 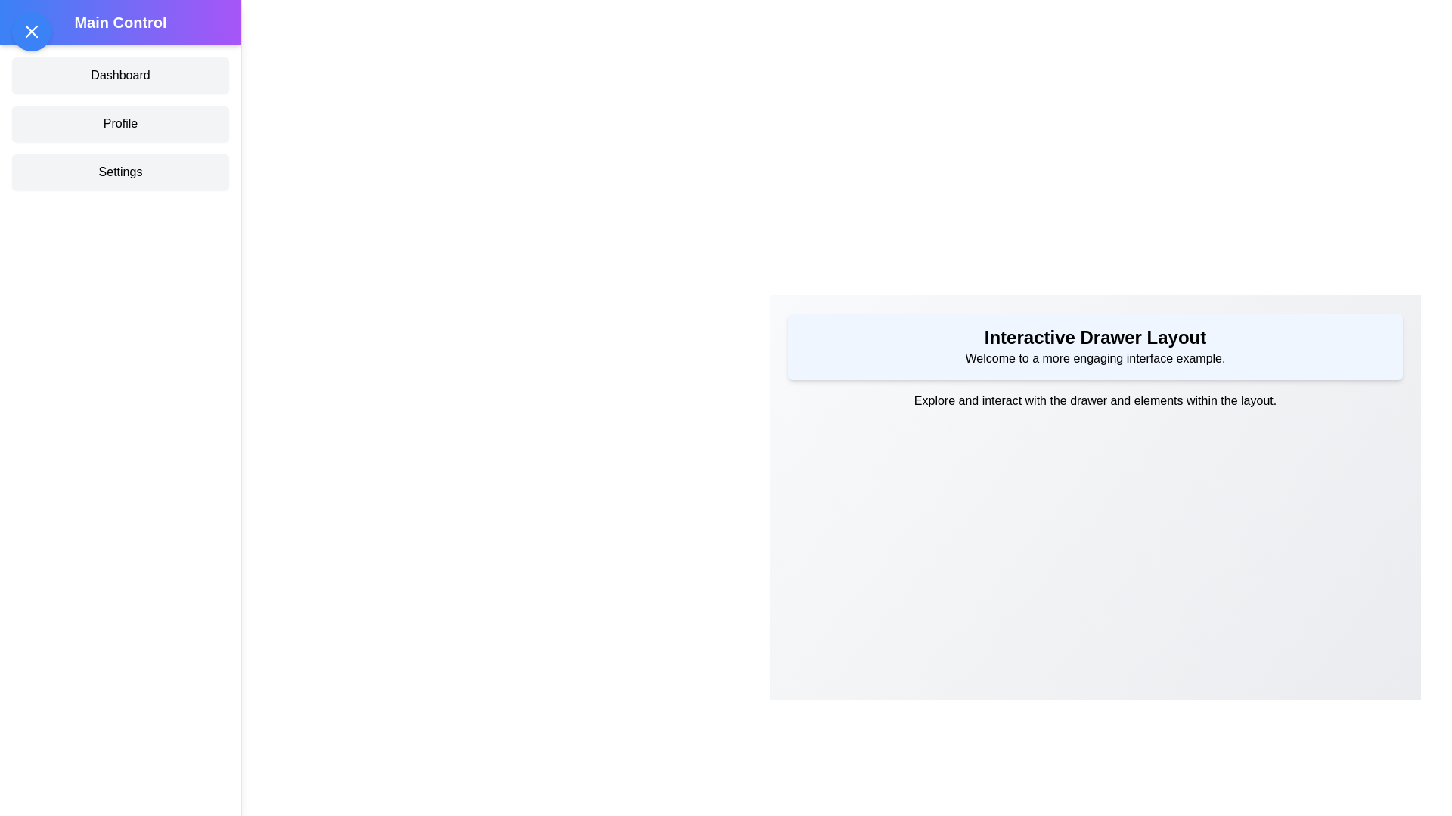 I want to click on the menu option Profile from the drawer, so click(x=119, y=123).